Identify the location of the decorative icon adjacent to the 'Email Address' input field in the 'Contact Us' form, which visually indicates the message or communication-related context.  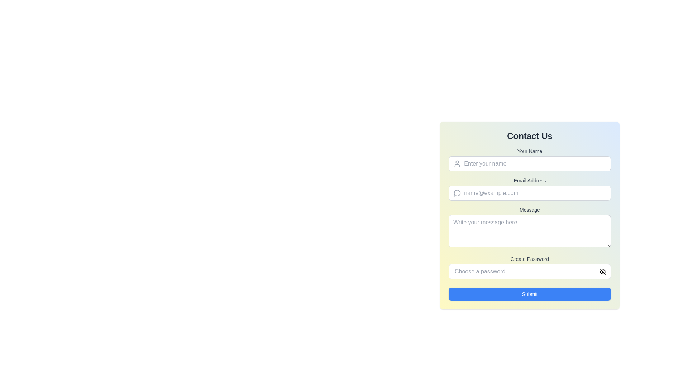
(457, 193).